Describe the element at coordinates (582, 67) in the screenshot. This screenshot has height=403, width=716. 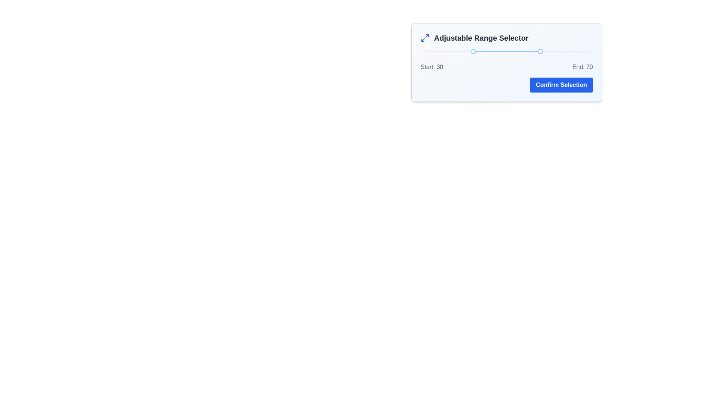
I see `the label indicating the end value of a range slider, positioned to the right of 'Start: 30' text in the top-right quadrant of the card layout` at that location.